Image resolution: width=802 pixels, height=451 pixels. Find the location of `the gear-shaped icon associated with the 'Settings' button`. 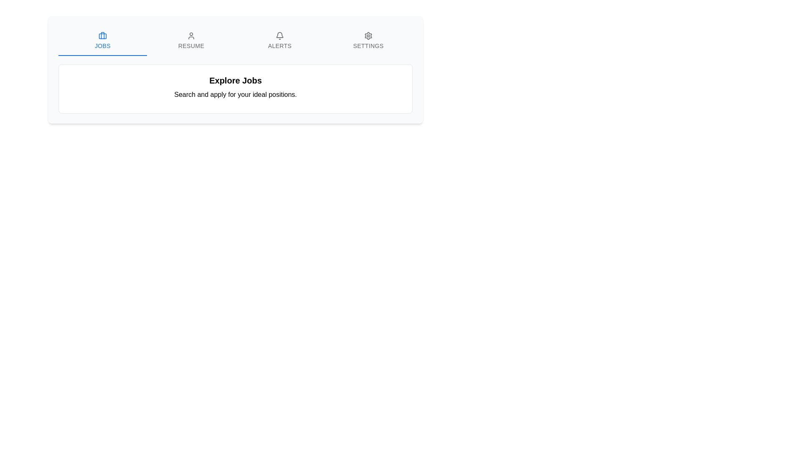

the gear-shaped icon associated with the 'Settings' button is located at coordinates (368, 35).